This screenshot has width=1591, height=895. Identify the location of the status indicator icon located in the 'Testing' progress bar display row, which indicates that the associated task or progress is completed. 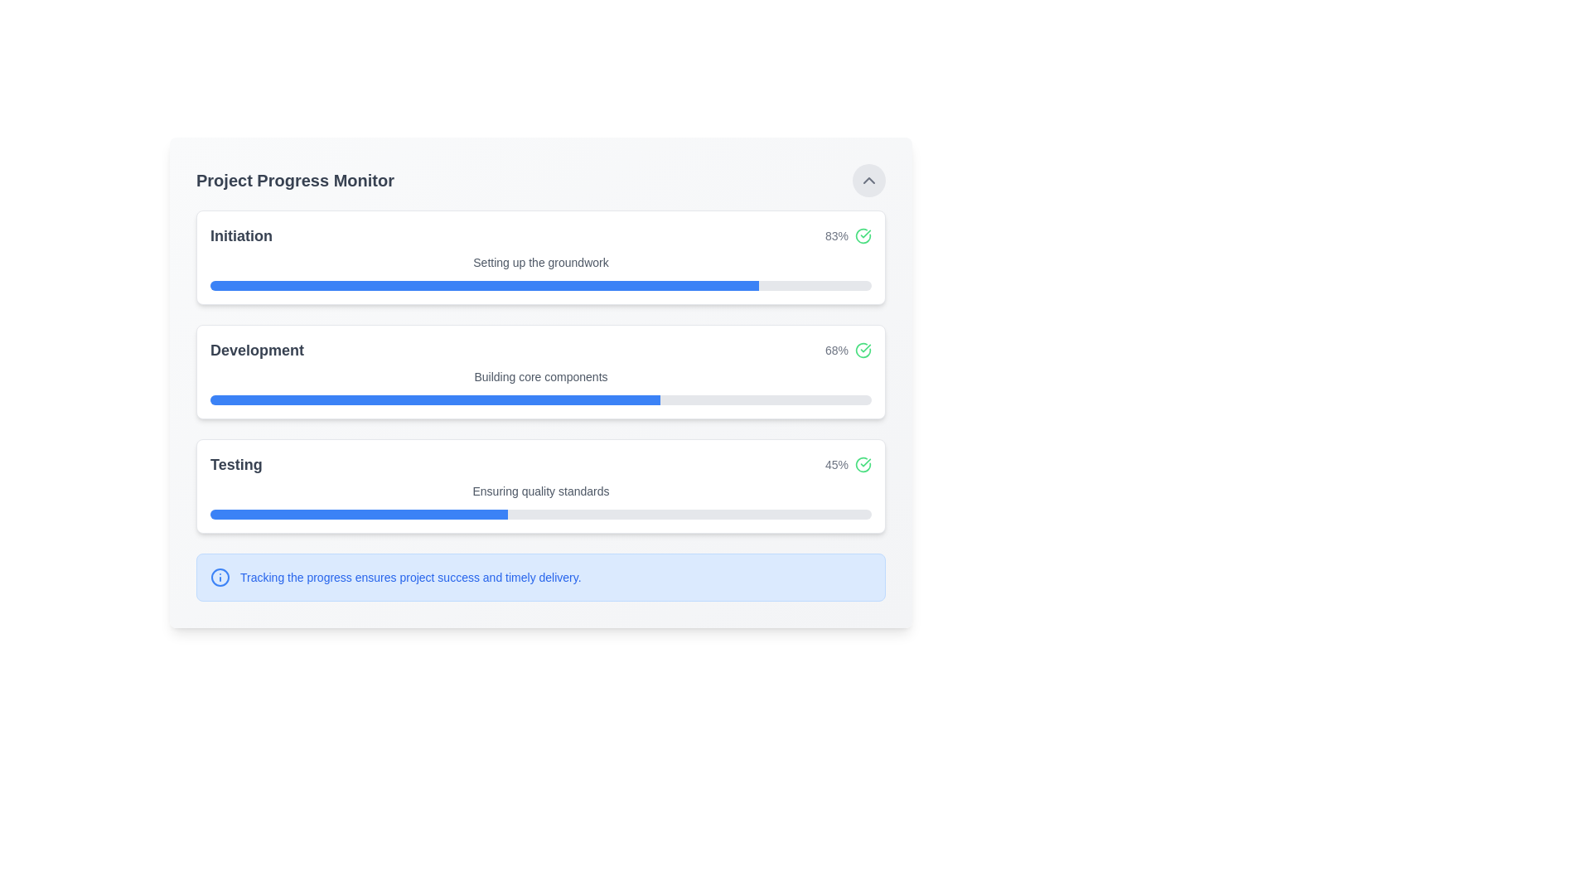
(862, 464).